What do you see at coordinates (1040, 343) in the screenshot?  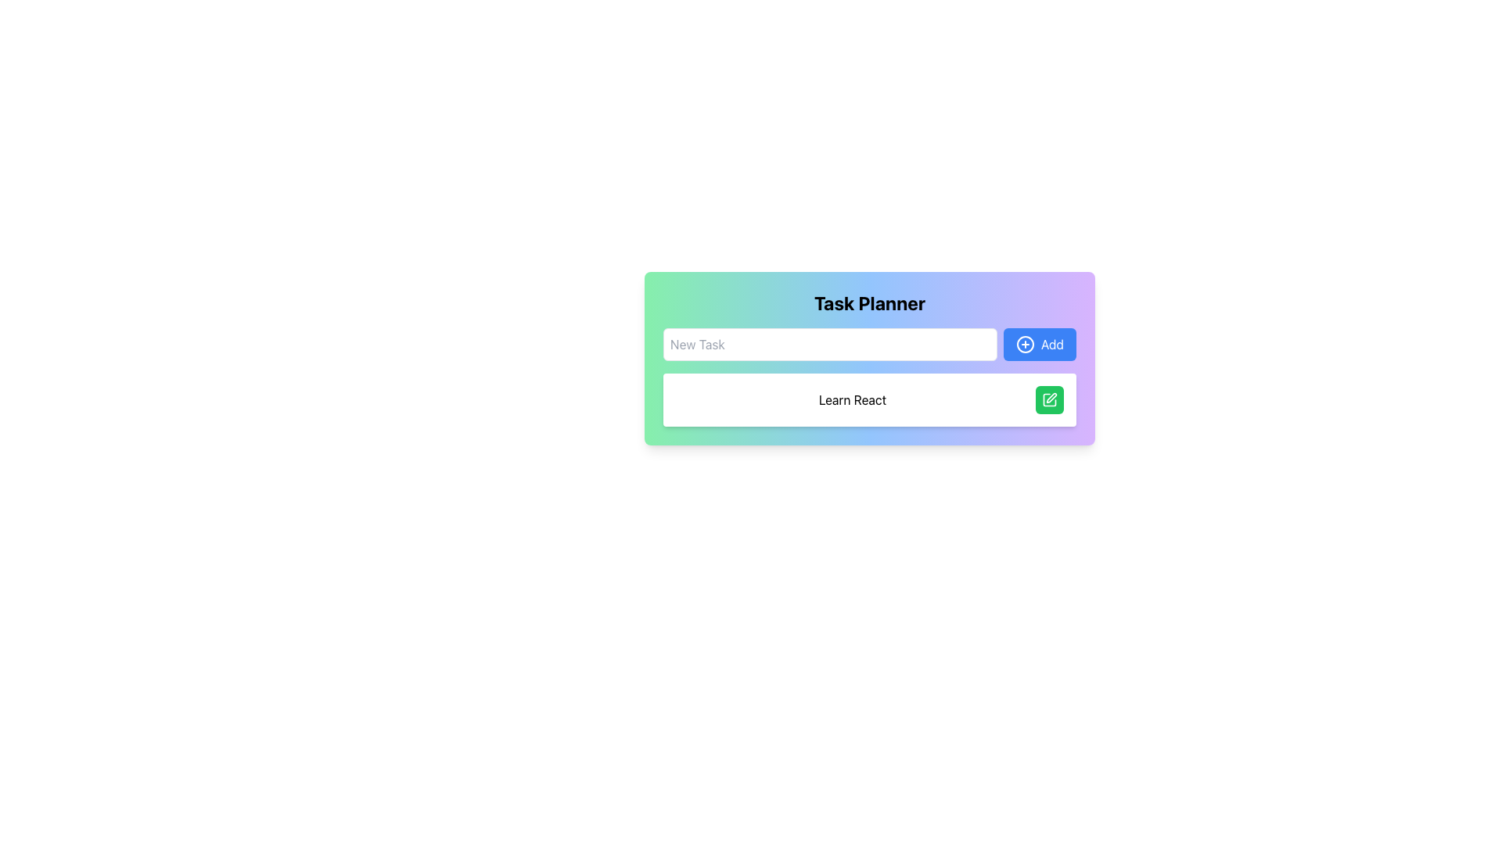 I see `the button located to the right of the 'New Task' input field` at bounding box center [1040, 343].